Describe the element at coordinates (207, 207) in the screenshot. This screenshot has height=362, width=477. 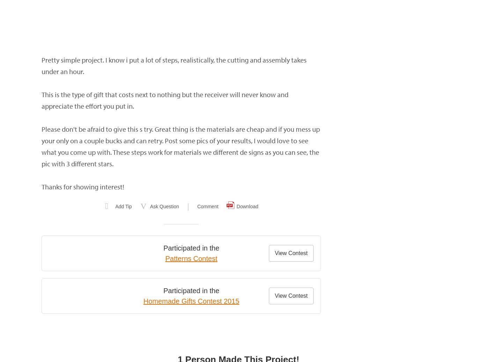
I see `'Comment'` at that location.